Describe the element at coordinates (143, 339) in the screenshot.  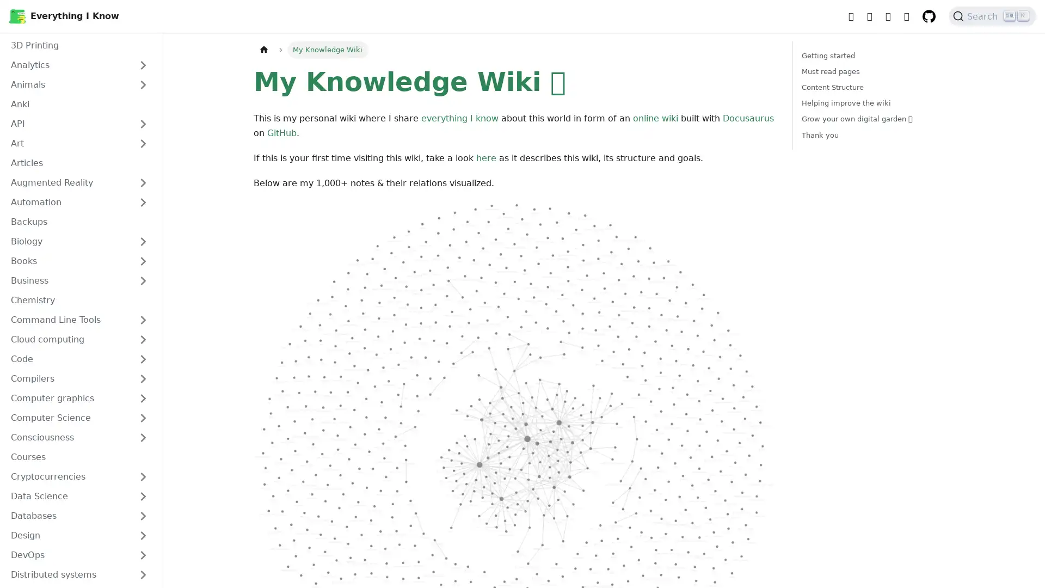
I see `Toggle the collapsible sidebar category 'Cloud computing'` at that location.